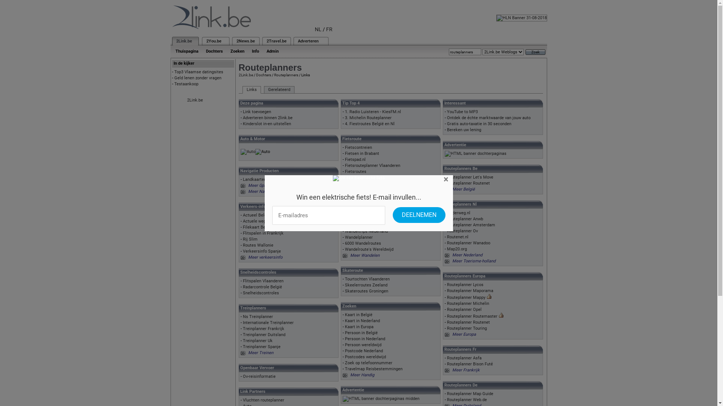 The height and width of the screenshot is (406, 723). I want to click on 'Wandeltrips Nederland', so click(366, 231).